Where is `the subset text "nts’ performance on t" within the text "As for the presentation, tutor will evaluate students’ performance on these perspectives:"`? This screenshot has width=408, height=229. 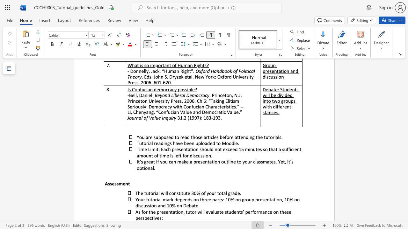 the subset text "nts’ performance on t" within the text "As for the presentation, tutor will evaluate students’ performance on these perspectives:" is located at coordinates (236, 212).